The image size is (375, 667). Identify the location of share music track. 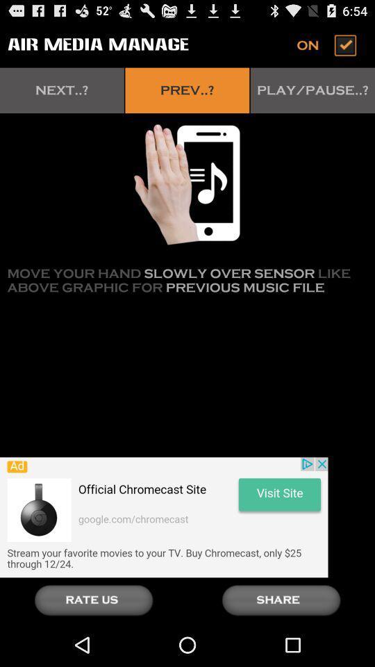
(281, 600).